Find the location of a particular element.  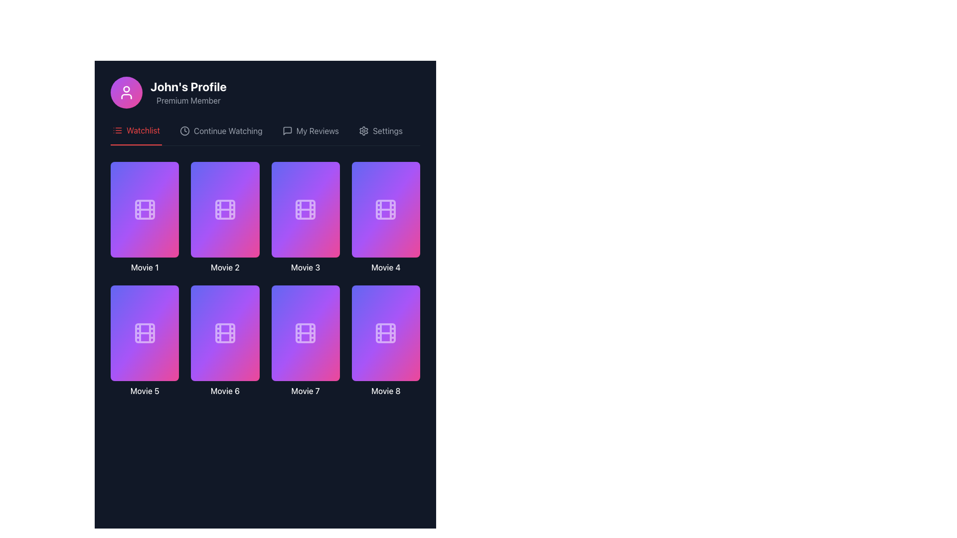

the play button icon located centrally within the 'Movie 6' card in the application interface is located at coordinates (224, 328).